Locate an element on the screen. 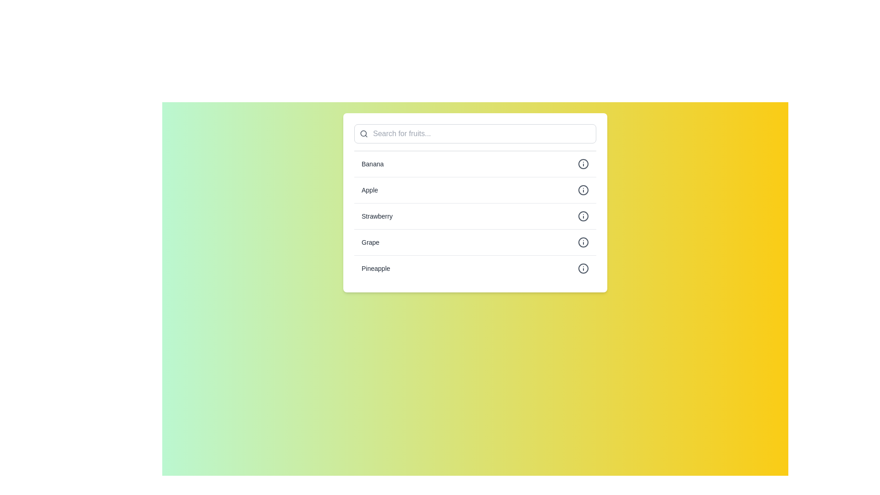 The height and width of the screenshot is (495, 880). the outlined circular SVG shape located in the final row of the list, adjacent to the 'Pineapple' label is located at coordinates (583, 268).